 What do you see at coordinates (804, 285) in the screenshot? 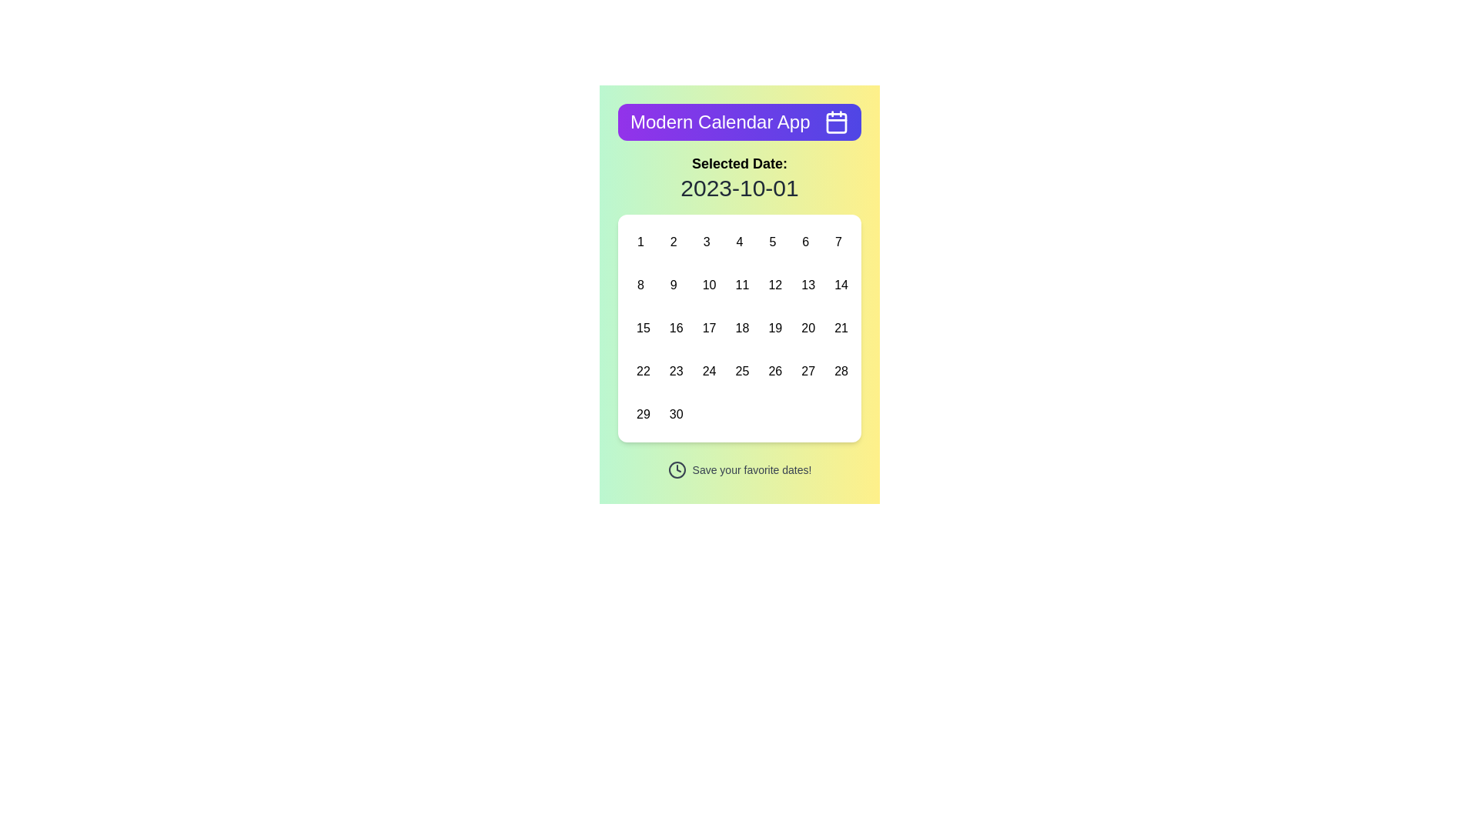
I see `the selectable date button '13' on the calendar interface` at bounding box center [804, 285].